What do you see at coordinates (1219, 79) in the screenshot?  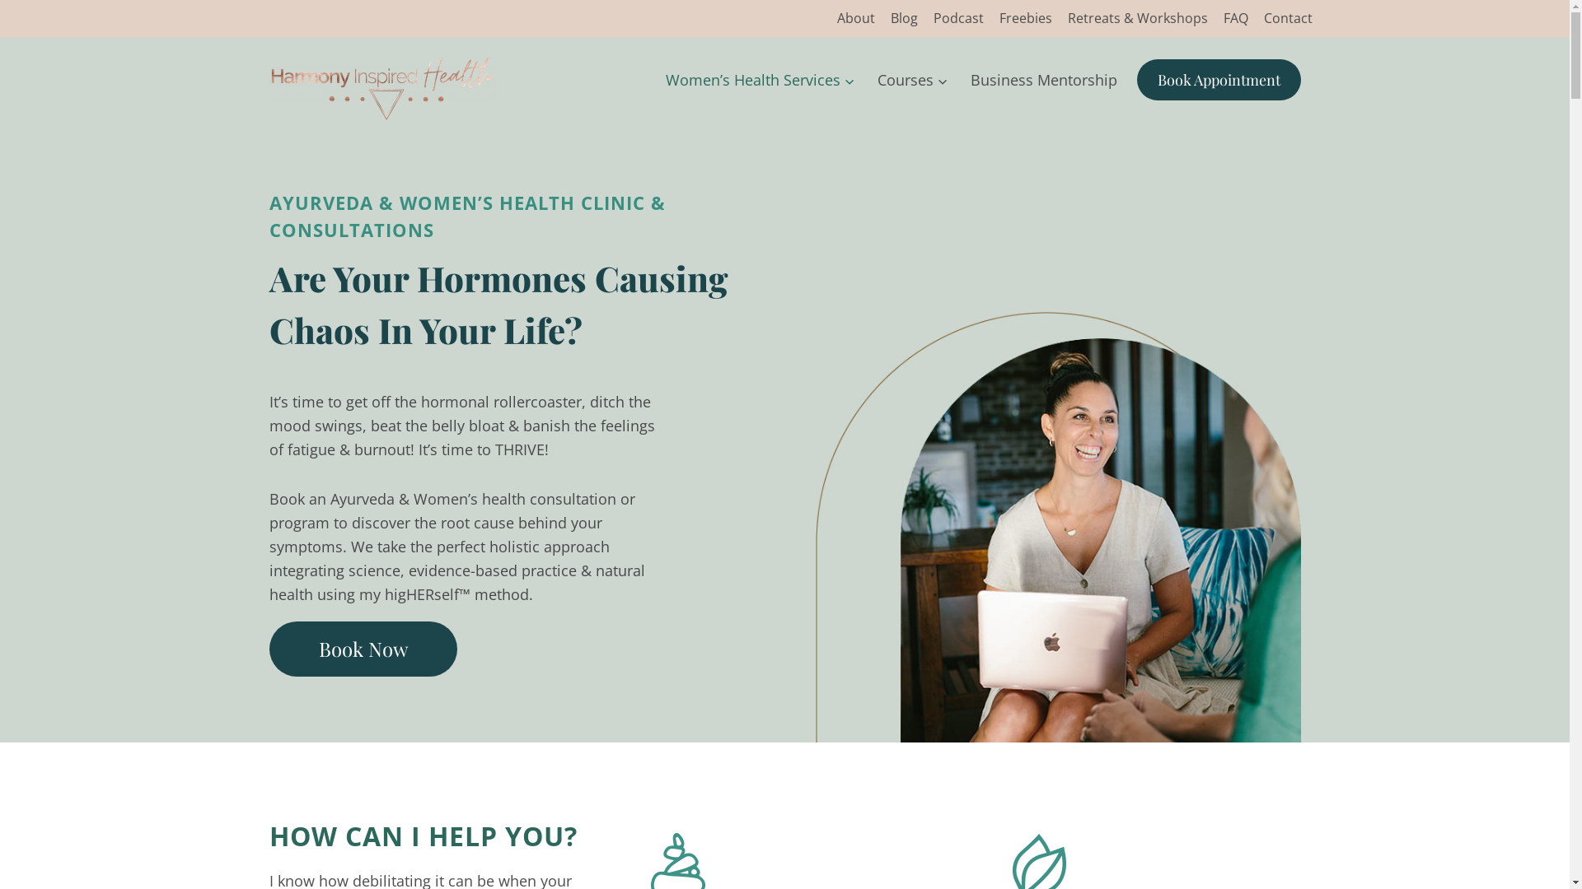 I see `'Book Appointment'` at bounding box center [1219, 79].